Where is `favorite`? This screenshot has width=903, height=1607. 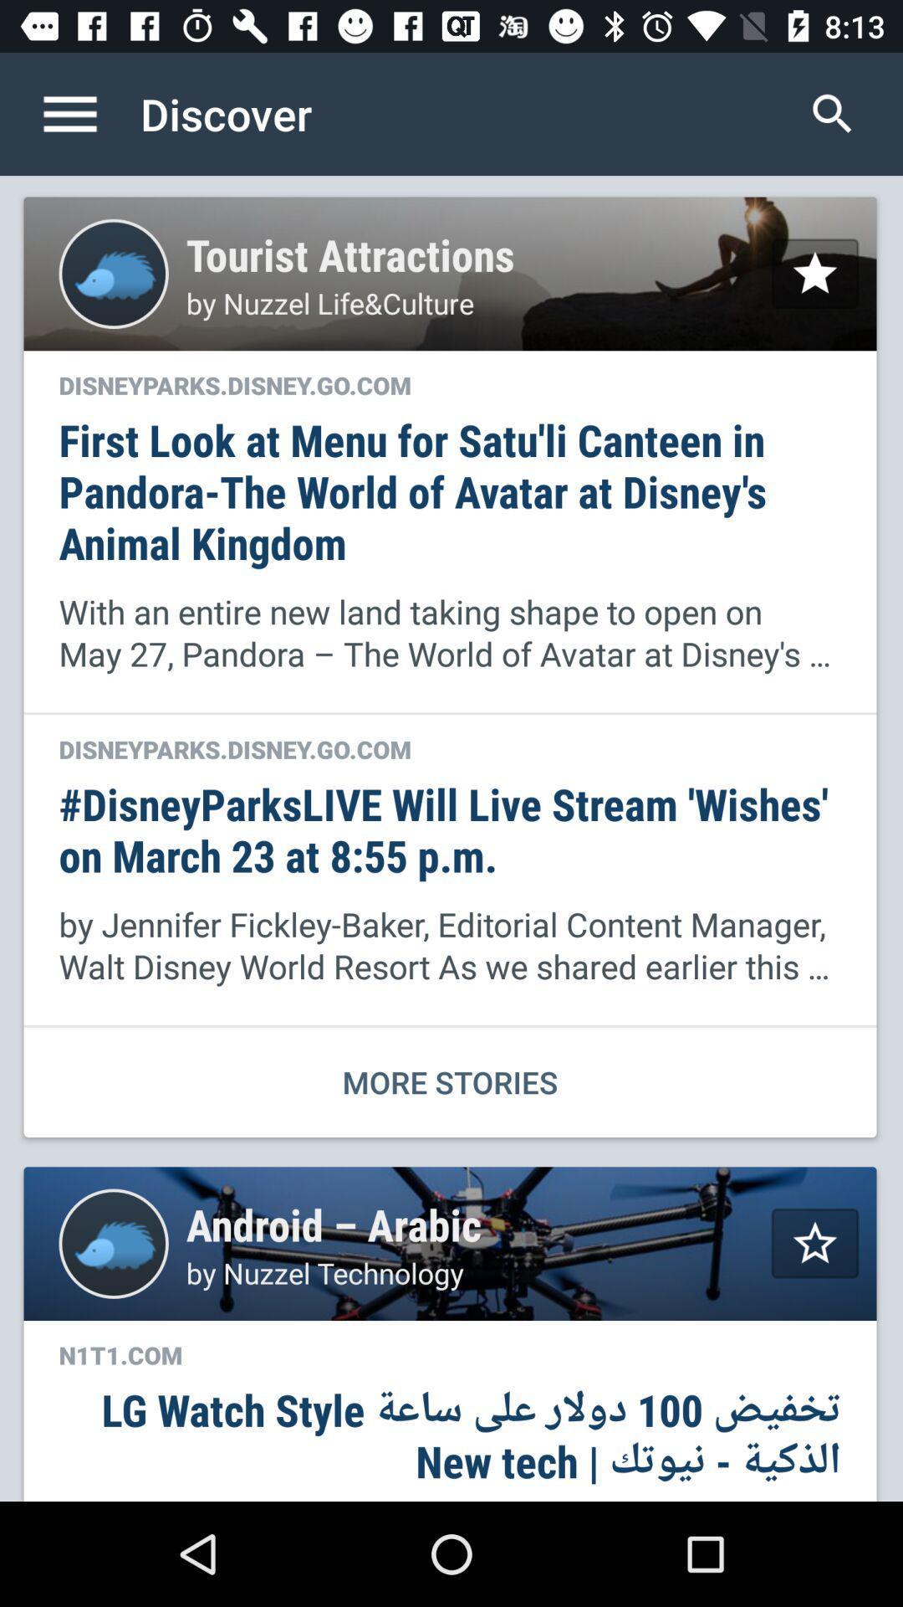
favorite is located at coordinates (814, 1243).